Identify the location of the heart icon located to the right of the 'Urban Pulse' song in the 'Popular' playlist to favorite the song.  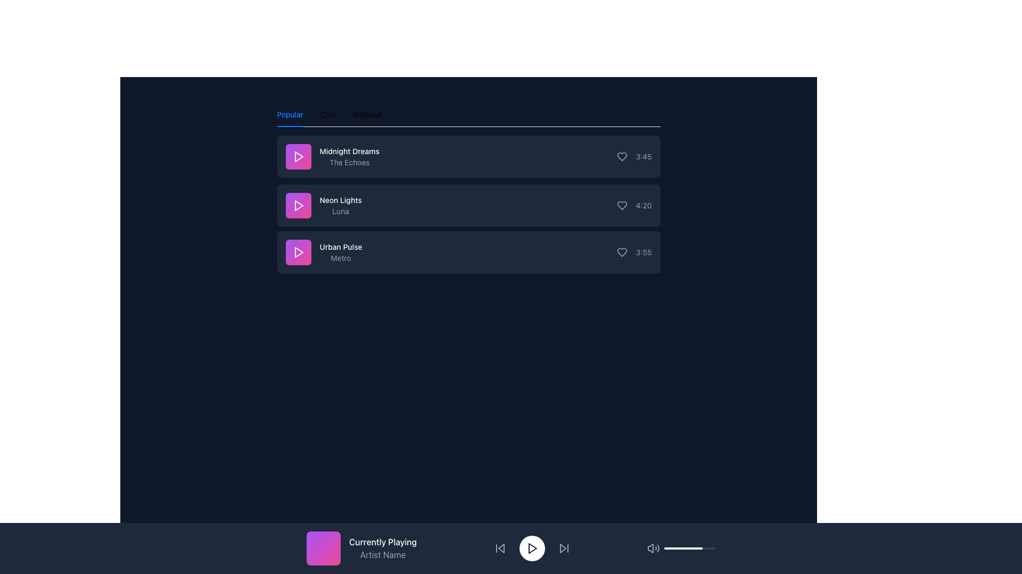
(622, 252).